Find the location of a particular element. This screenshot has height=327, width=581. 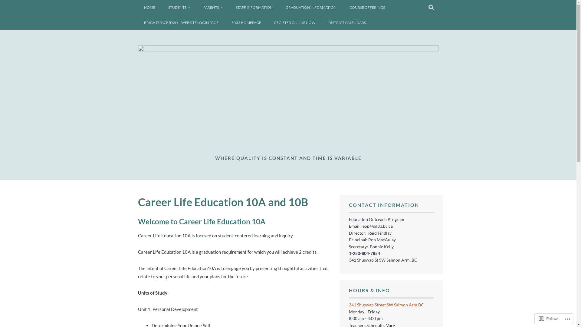

'HOME' is located at coordinates (149, 7).